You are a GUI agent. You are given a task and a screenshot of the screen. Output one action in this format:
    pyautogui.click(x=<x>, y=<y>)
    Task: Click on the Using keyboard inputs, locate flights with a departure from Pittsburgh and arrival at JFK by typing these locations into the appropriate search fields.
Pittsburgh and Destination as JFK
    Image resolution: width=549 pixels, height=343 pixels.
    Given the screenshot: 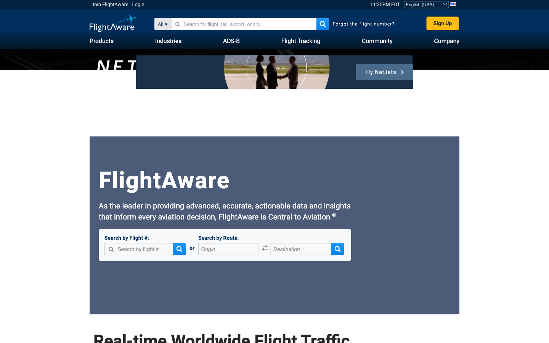 What is the action you would take?
    pyautogui.click(x=229, y=250)
    